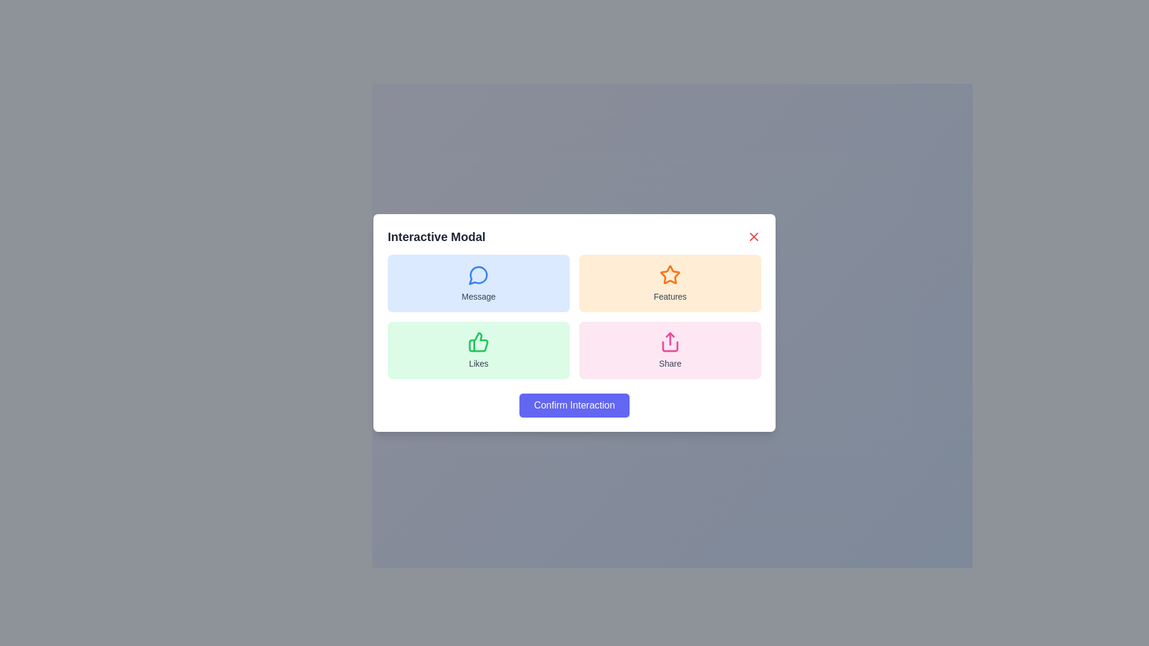  Describe the element at coordinates (436, 237) in the screenshot. I see `the title text label in the top-left section of the white modal dialog box, which serves as a header for the content within the modal` at that location.